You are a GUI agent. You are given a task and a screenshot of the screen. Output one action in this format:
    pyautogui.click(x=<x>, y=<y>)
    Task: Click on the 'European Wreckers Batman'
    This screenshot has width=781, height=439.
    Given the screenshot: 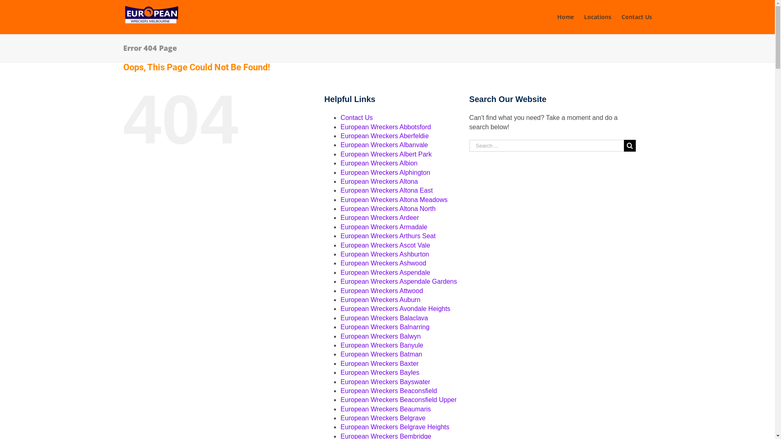 What is the action you would take?
    pyautogui.click(x=381, y=354)
    